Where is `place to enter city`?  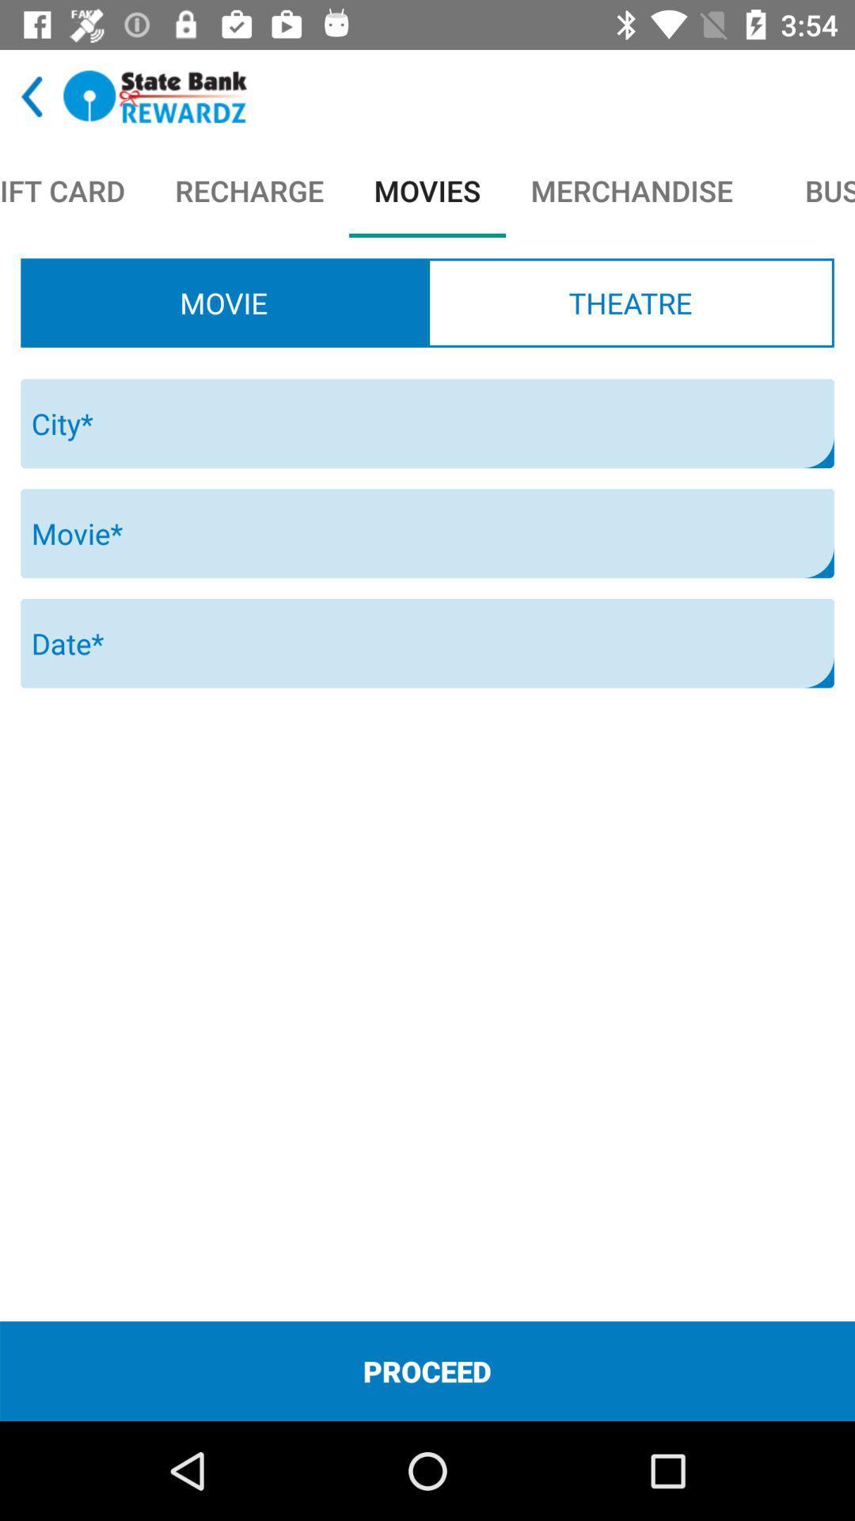 place to enter city is located at coordinates (427, 423).